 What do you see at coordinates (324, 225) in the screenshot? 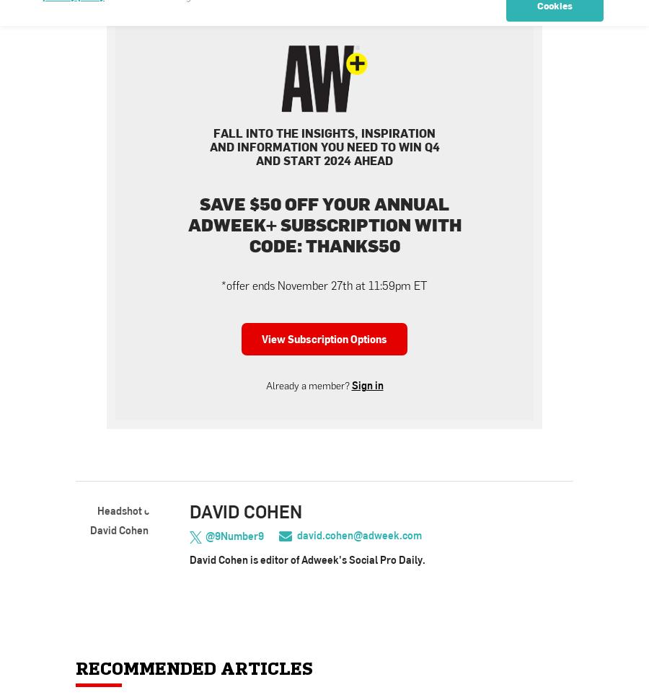
I see `'Save $50 off your annual Adweek+ subscription with code: THANKS50'` at bounding box center [324, 225].